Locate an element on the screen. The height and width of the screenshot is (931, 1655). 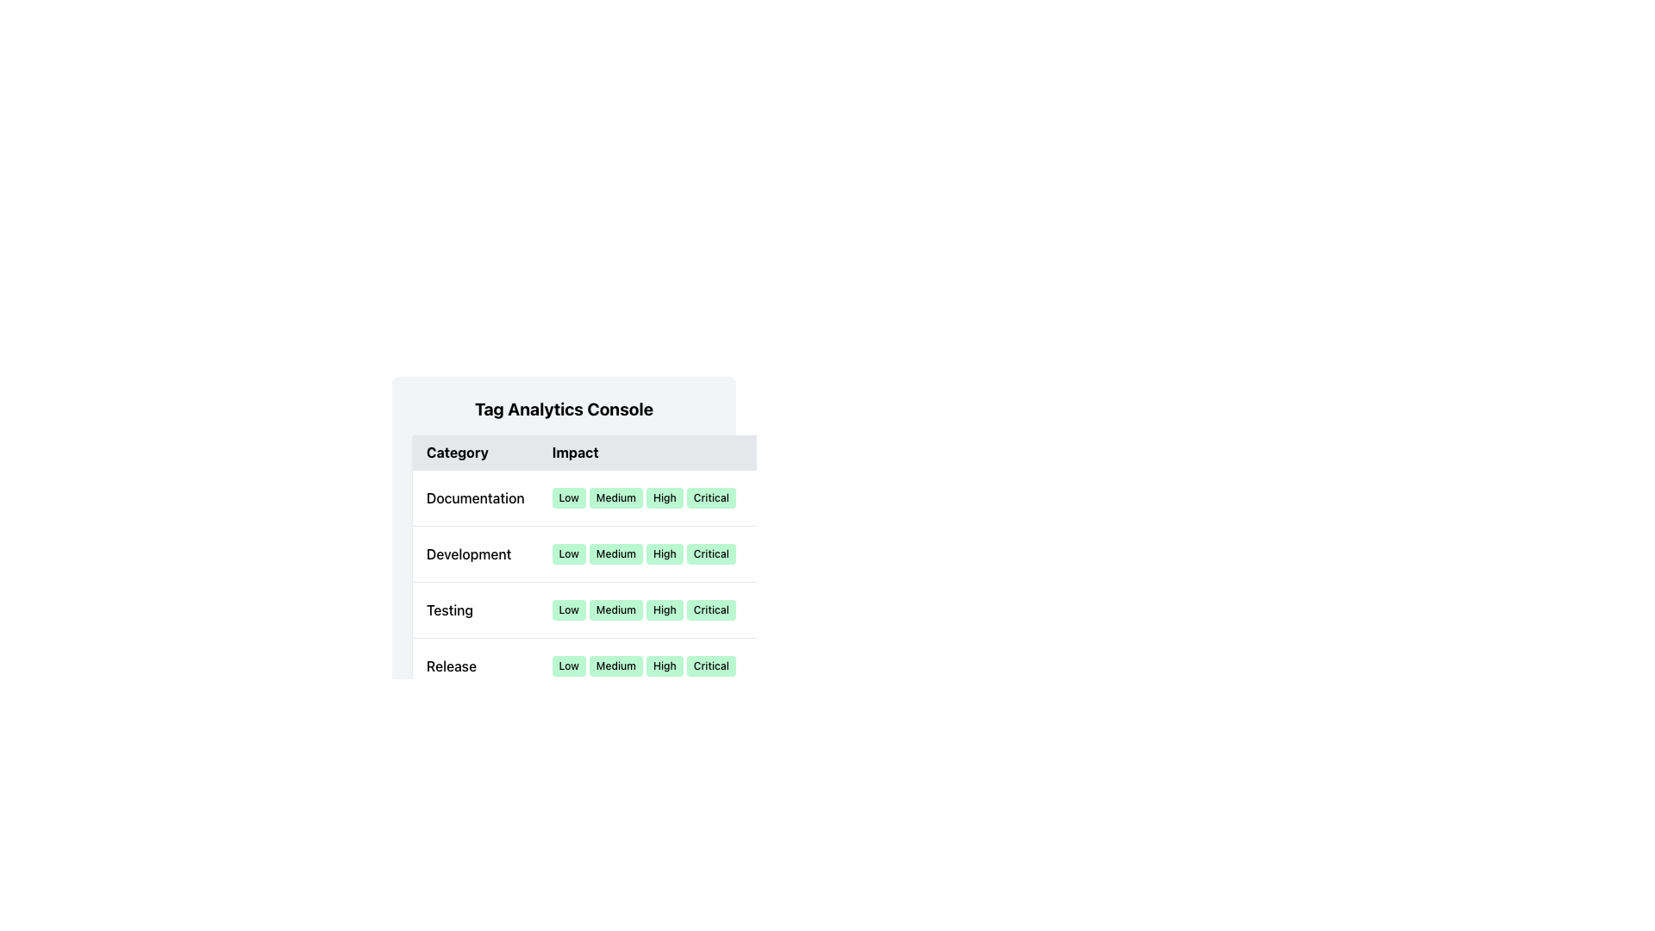
the text label displaying 'Development' located under the 'Category' header in the second row of the table layout is located at coordinates (475, 554).